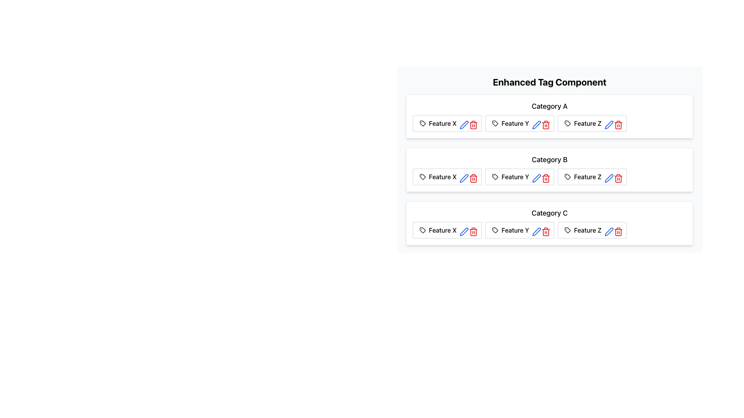  I want to click on the 'Feature X' feature icon and actions located in the topmost position under the 'Category A' section, so click(549, 123).